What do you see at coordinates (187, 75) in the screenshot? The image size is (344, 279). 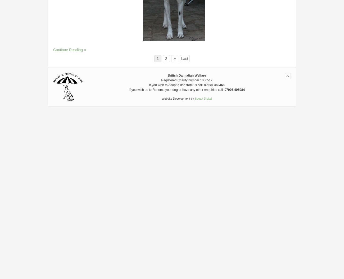 I see `'British Dalmatian Welfare'` at bounding box center [187, 75].